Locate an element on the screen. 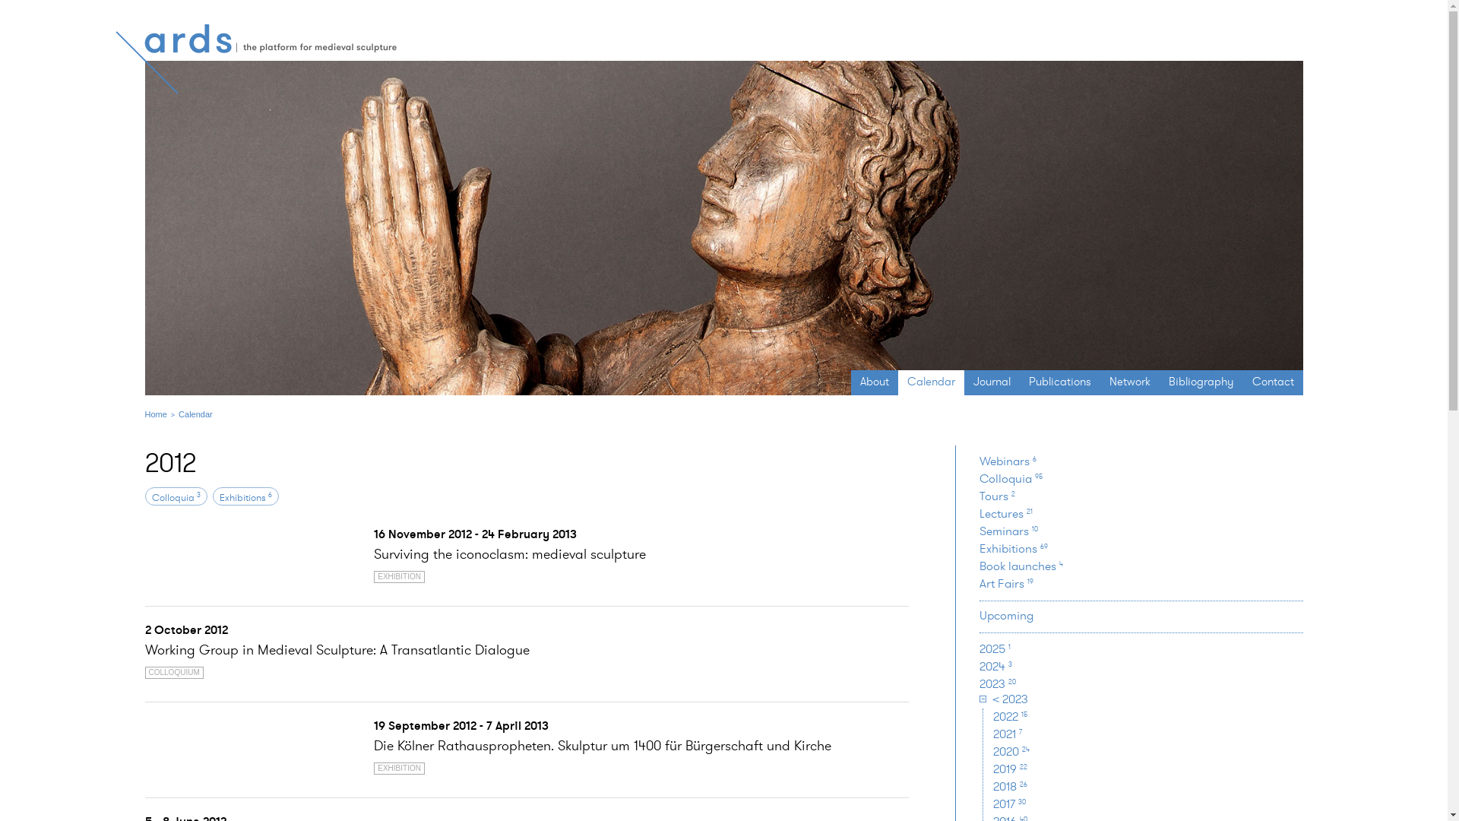  'Webinars 6' is located at coordinates (1008, 460).